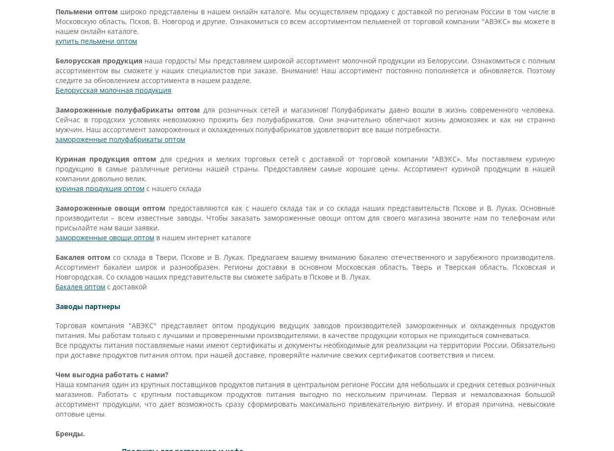 Image resolution: width=614 pixels, height=451 pixels. I want to click on 'со склада в Твери, Пскове и В. Луках. Предлагаем вашему вниманию бакалею отечественного и зарубежного производителя. Ассортимент бакалеи широк и разнообразен. Регионы доставки в основном Московская область, Тверь и Тверская область, Псковская и Новгородская. Со складов наших представительств вы сможете забрать в Пскове и В. Луках.', so click(305, 266).